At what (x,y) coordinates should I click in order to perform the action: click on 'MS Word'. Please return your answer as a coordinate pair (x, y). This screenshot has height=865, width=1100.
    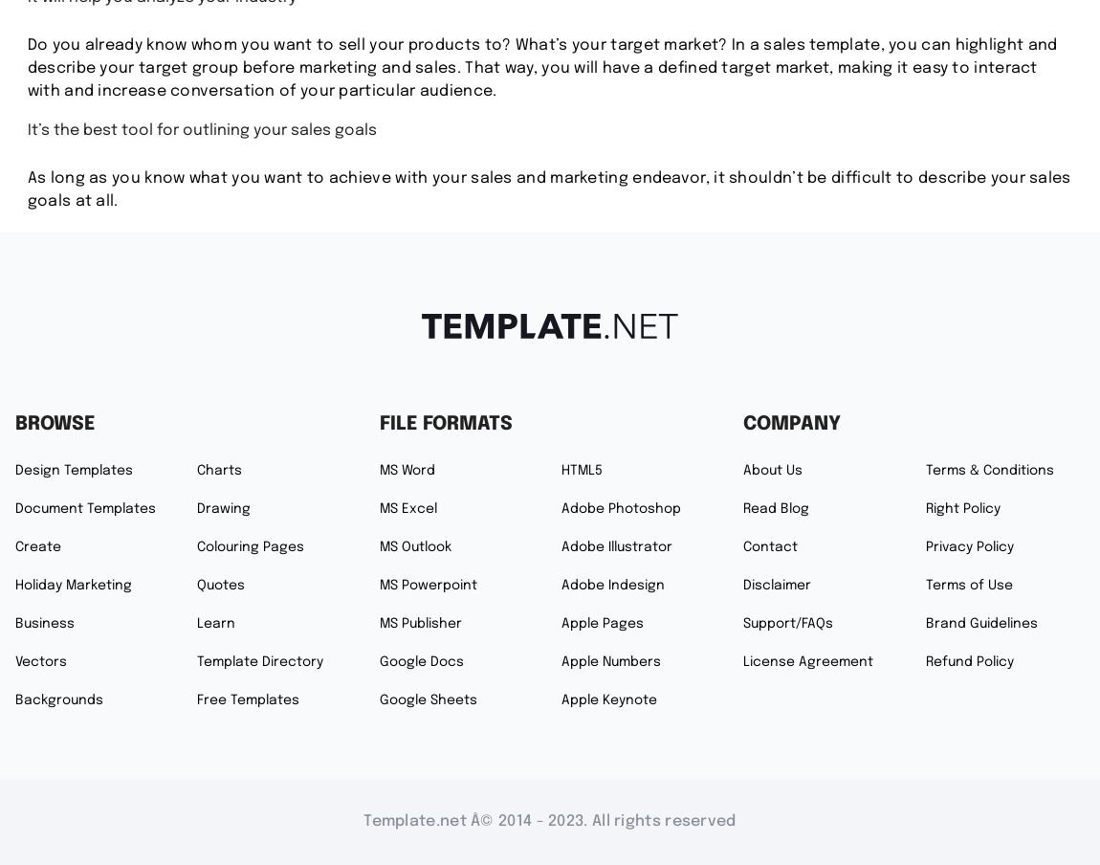
    Looking at the image, I should click on (407, 469).